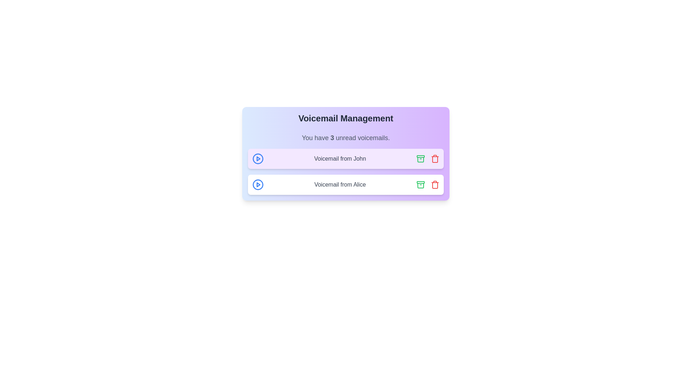  What do you see at coordinates (340, 158) in the screenshot?
I see `text content of the title for the voicemail entry displayed in the first voicemail card, which is horizontally centered in the voicemail management interface` at bounding box center [340, 158].